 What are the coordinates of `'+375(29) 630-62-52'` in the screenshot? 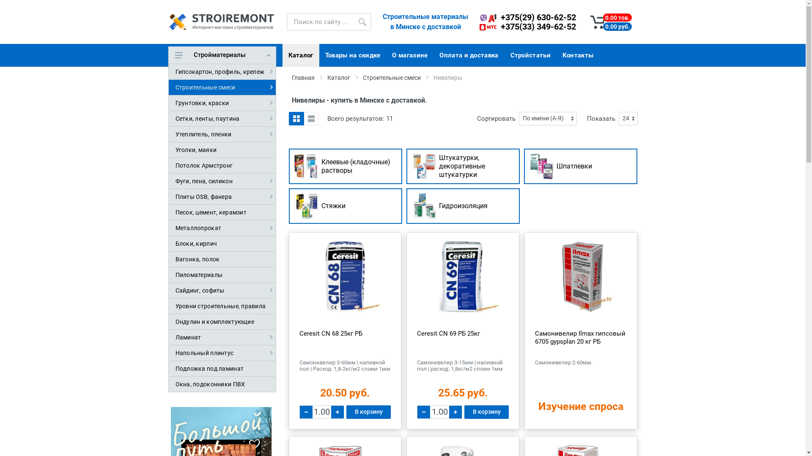 It's located at (538, 17).